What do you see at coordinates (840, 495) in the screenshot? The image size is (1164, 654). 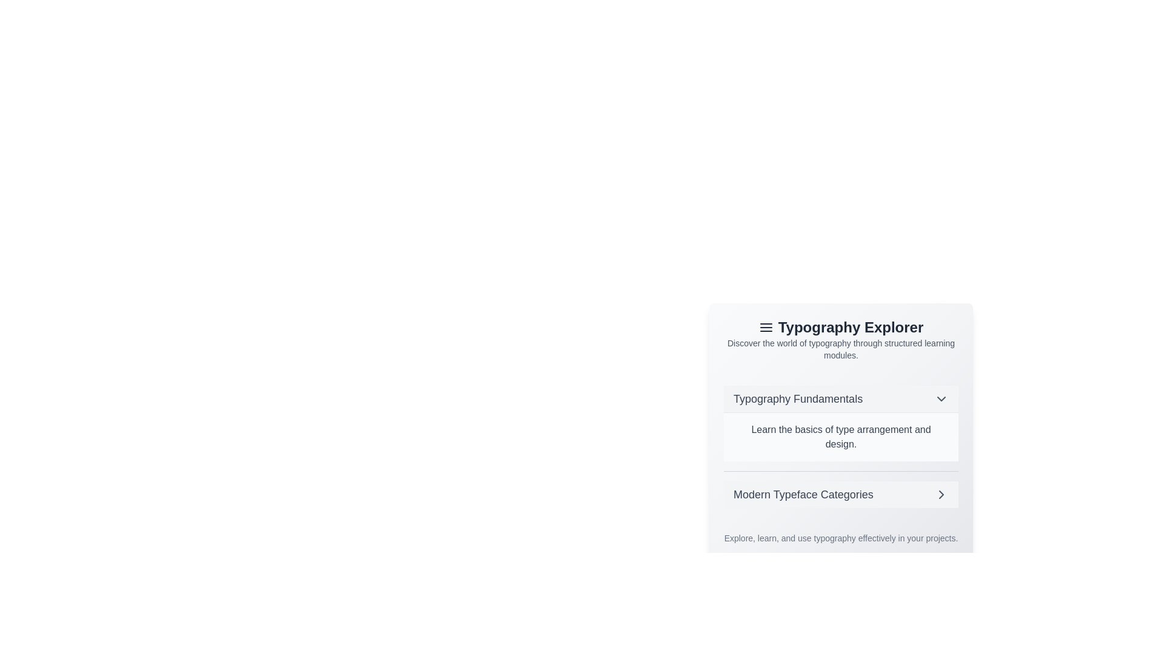 I see `the clickable list item for 'Modern Typeface Categories' to indicate selection` at bounding box center [840, 495].